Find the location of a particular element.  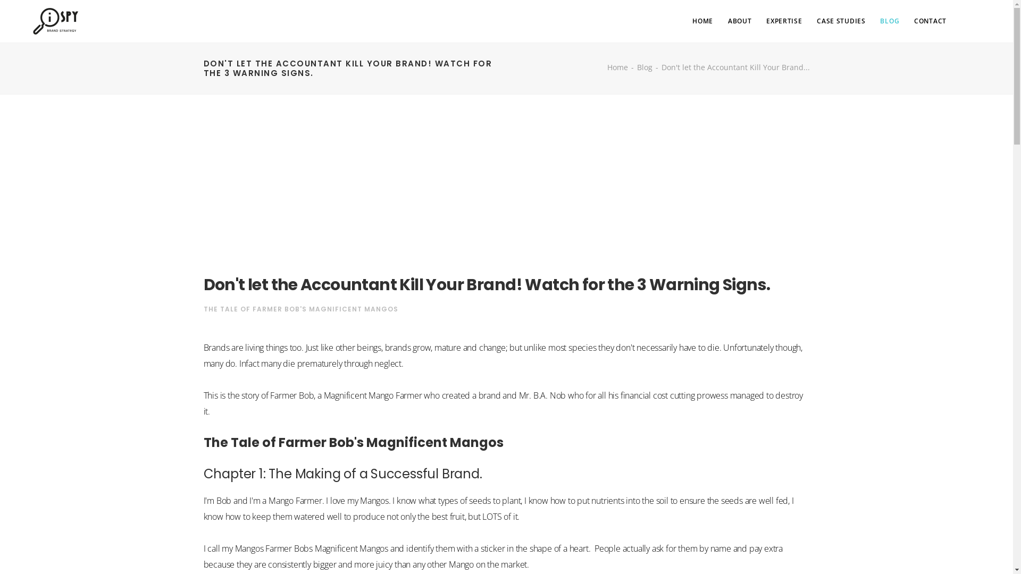

'HOME' is located at coordinates (702, 21).